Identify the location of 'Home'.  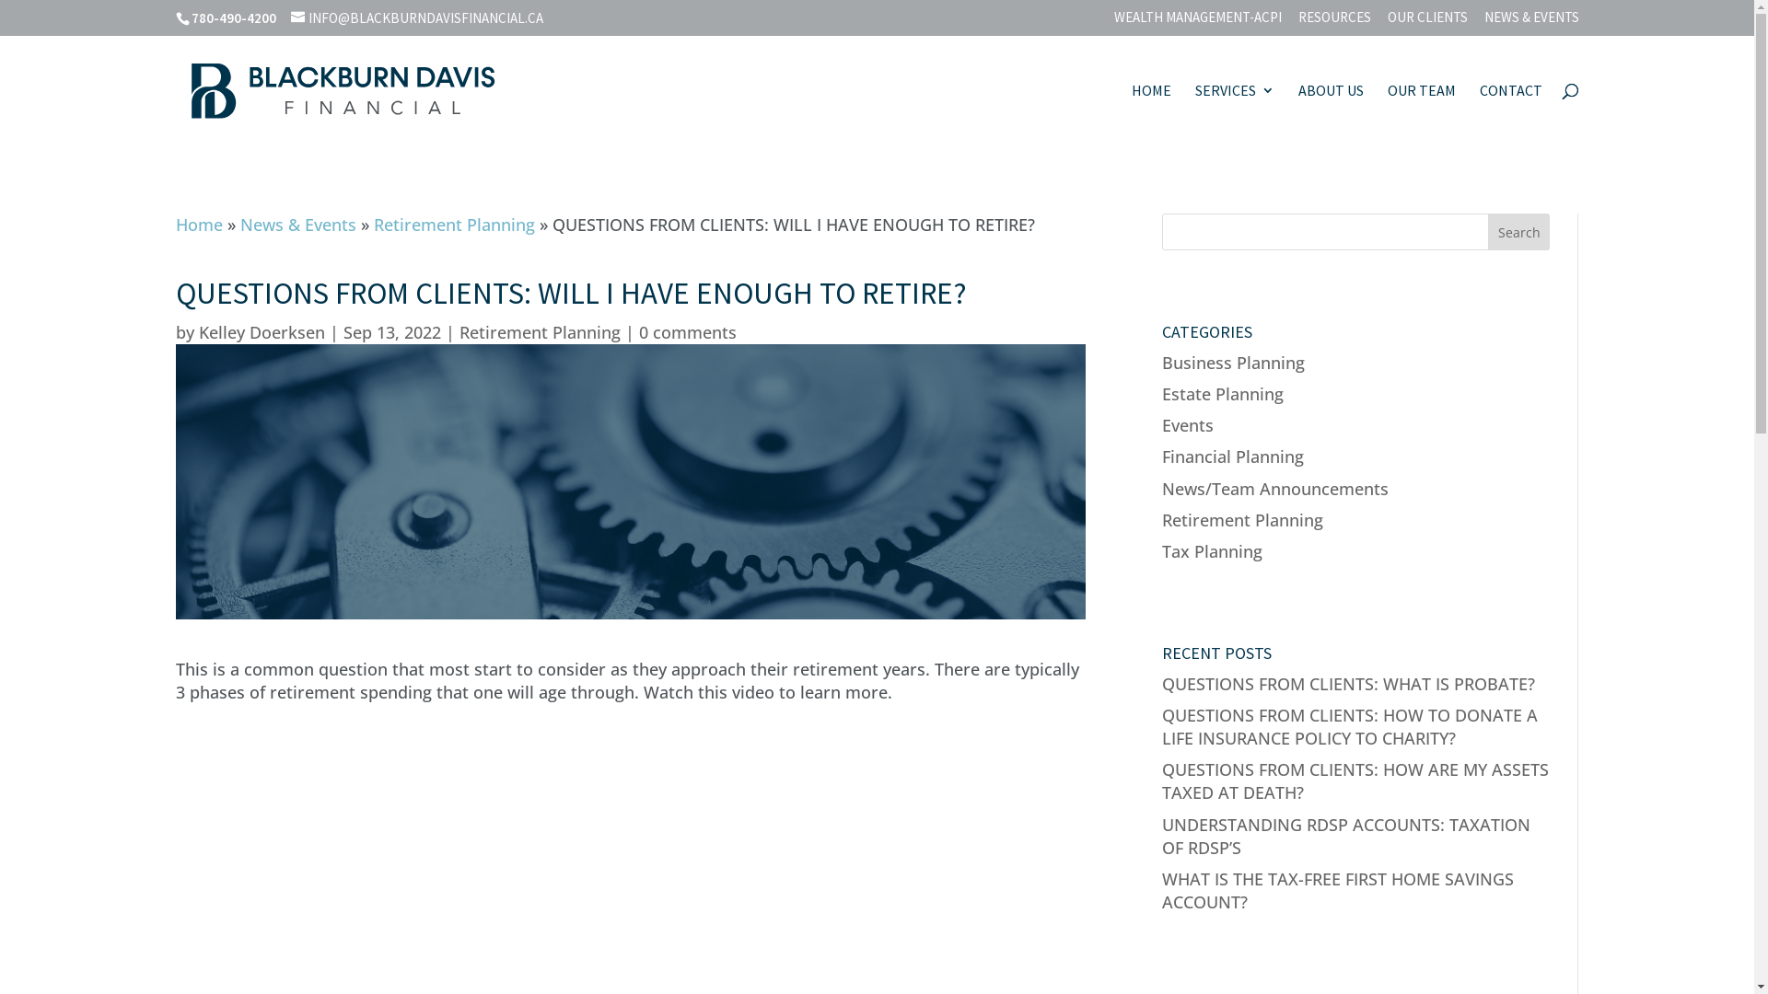
(198, 223).